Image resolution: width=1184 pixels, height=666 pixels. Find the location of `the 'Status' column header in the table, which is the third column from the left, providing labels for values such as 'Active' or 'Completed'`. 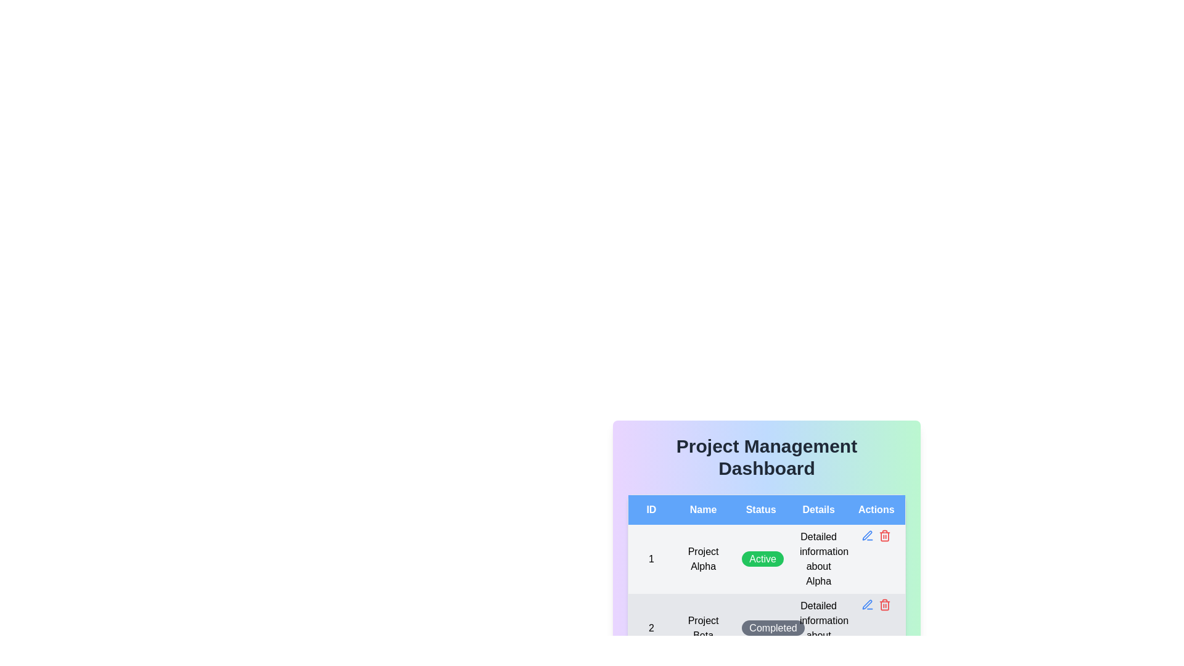

the 'Status' column header in the table, which is the third column from the left, providing labels for values such as 'Active' or 'Completed' is located at coordinates (766, 520).